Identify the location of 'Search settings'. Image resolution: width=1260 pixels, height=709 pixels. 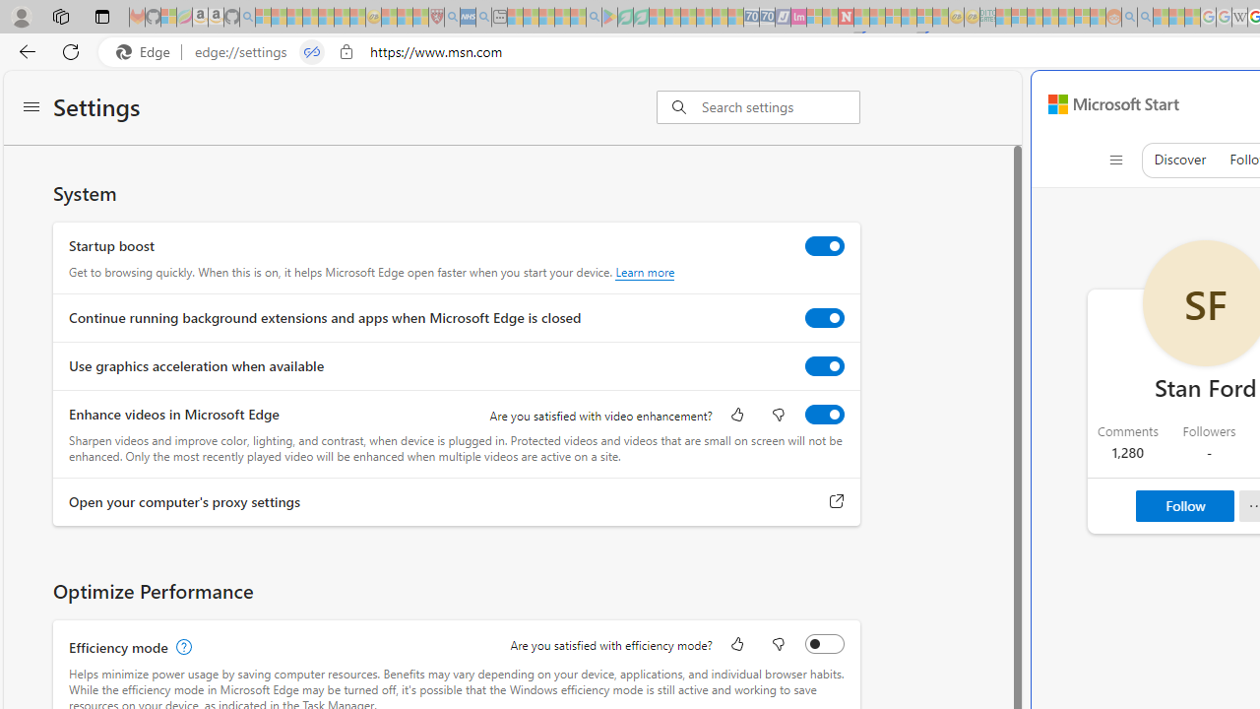
(779, 107).